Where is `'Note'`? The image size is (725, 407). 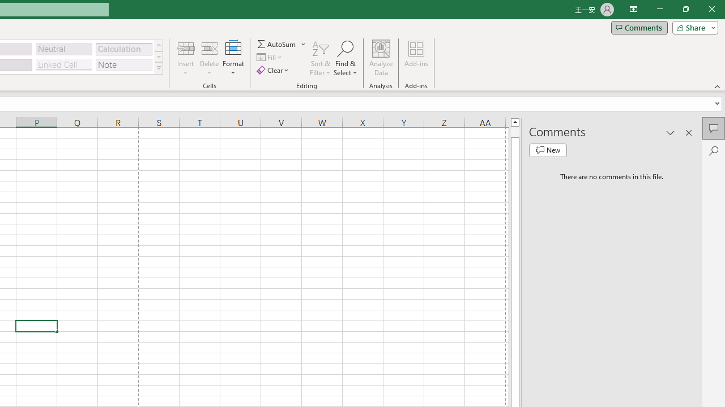 'Note' is located at coordinates (123, 64).